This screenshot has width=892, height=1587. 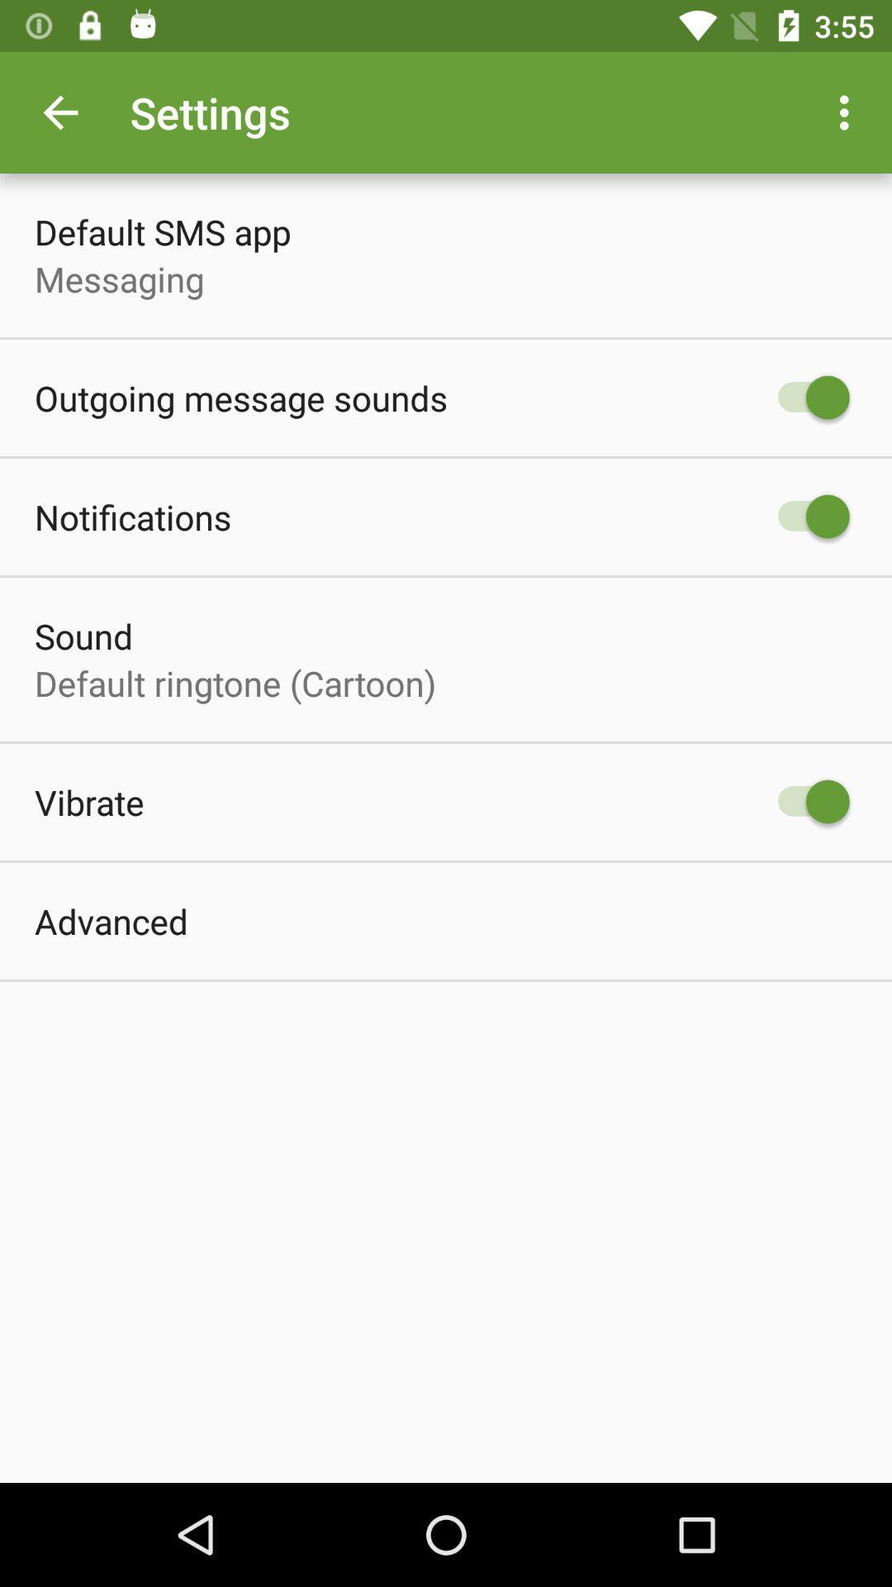 I want to click on the item above advanced icon, so click(x=89, y=802).